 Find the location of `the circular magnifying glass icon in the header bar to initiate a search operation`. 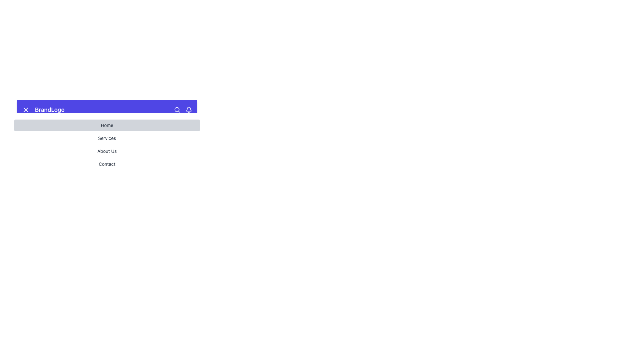

the circular magnifying glass icon in the header bar to initiate a search operation is located at coordinates (177, 109).